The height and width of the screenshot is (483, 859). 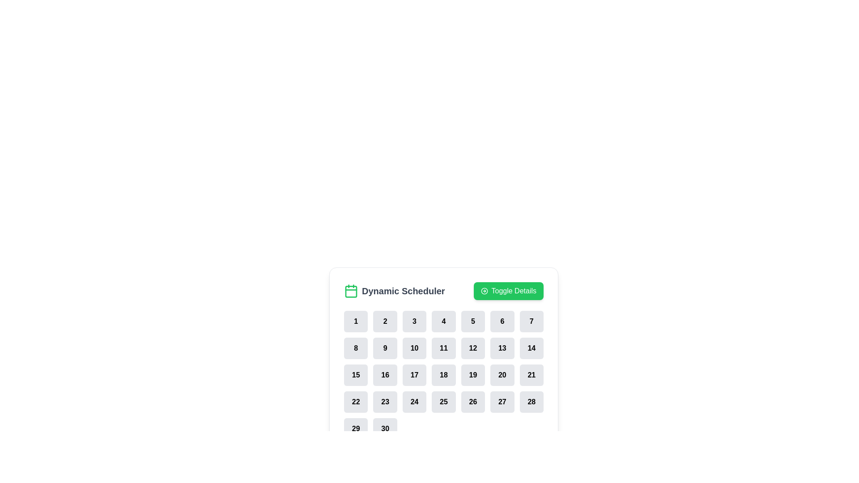 I want to click on the rounded rectangular button with a gray background and the bold number '2' centered in black, so click(x=385, y=321).